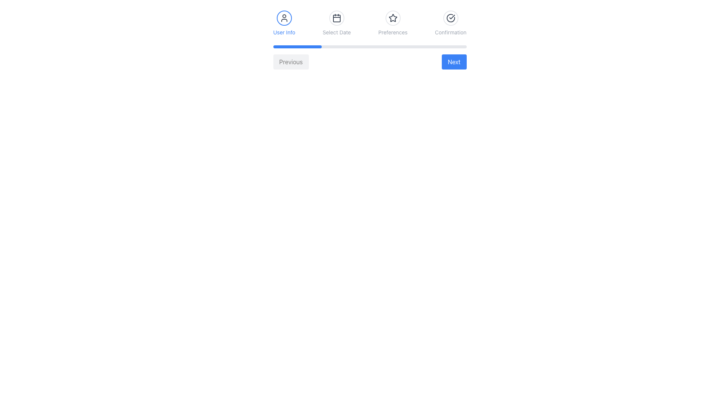 This screenshot has height=408, width=725. I want to click on the 'Next' button located on the right side of the layout section to proceed to the next step in the multi-step process, so click(454, 62).